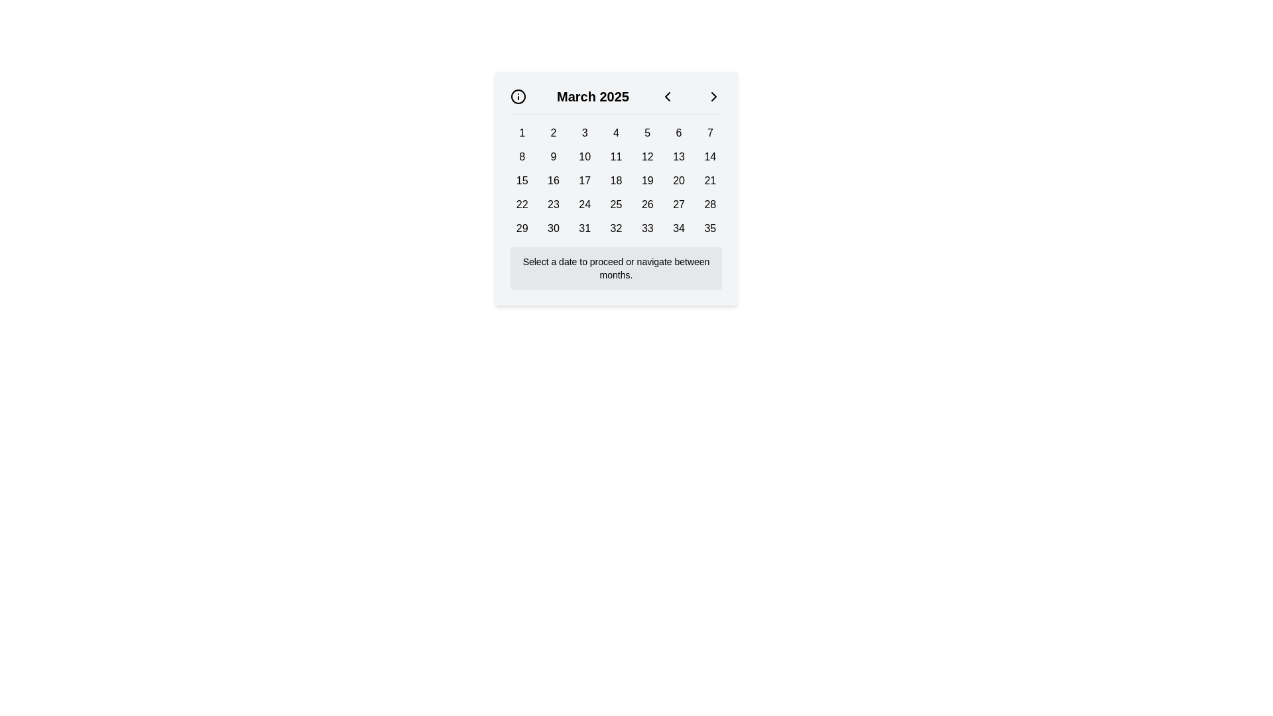 The height and width of the screenshot is (716, 1273). Describe the element at coordinates (554, 204) in the screenshot. I see `the button labeled '23' located in the fourth row and second column of the calendar grid` at that location.